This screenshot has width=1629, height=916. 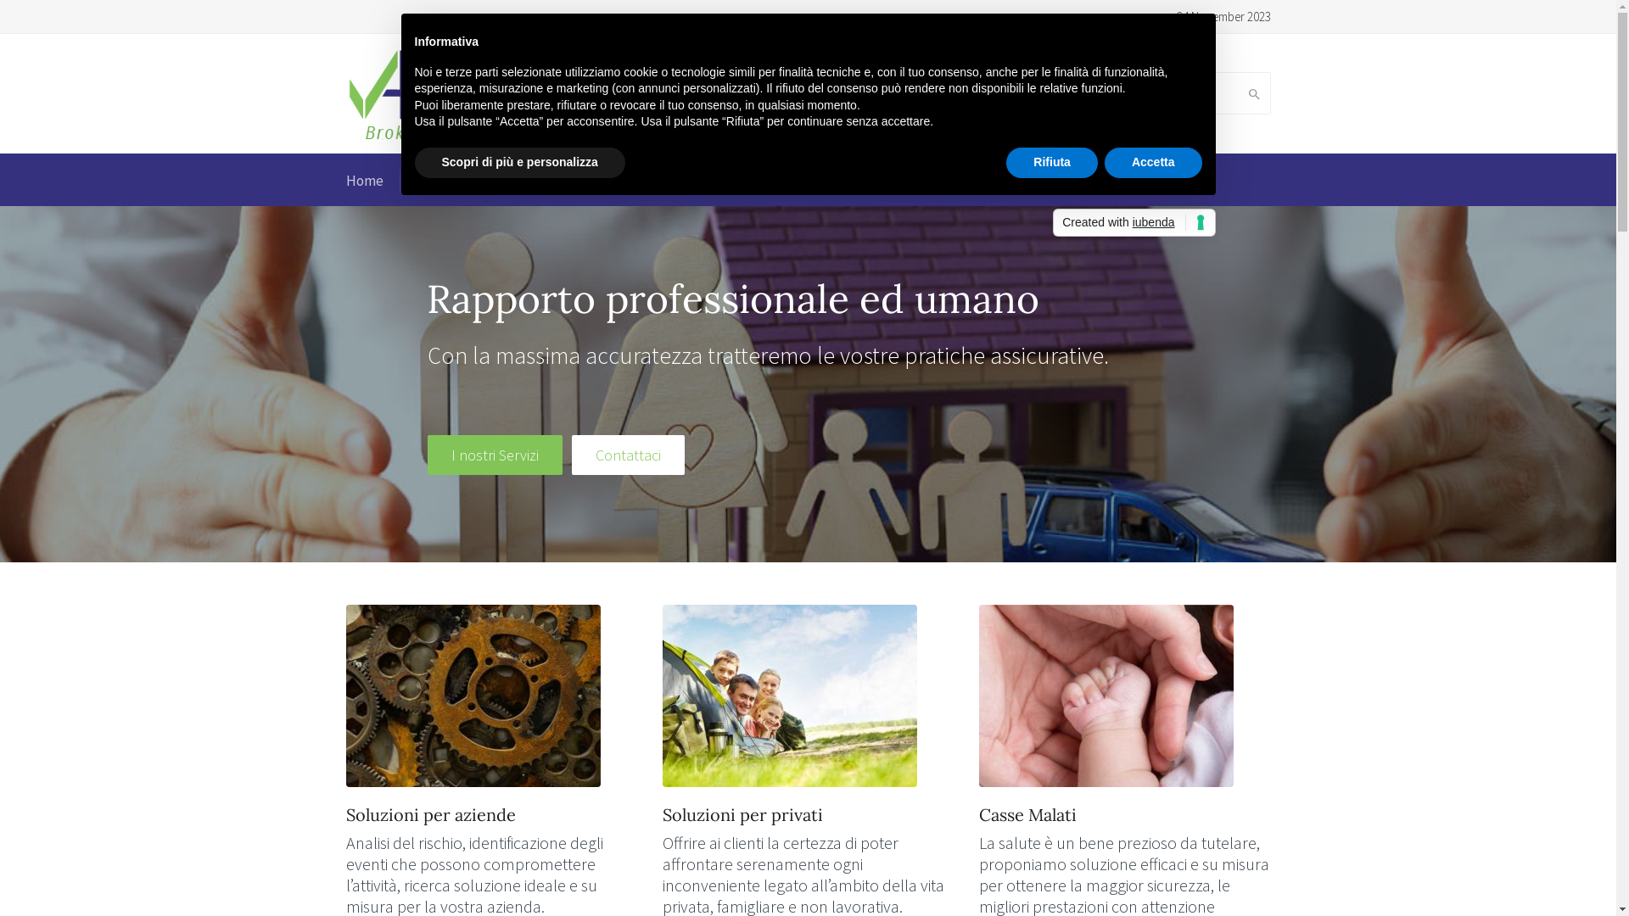 What do you see at coordinates (876, 181) in the screenshot?
I see `'News'` at bounding box center [876, 181].